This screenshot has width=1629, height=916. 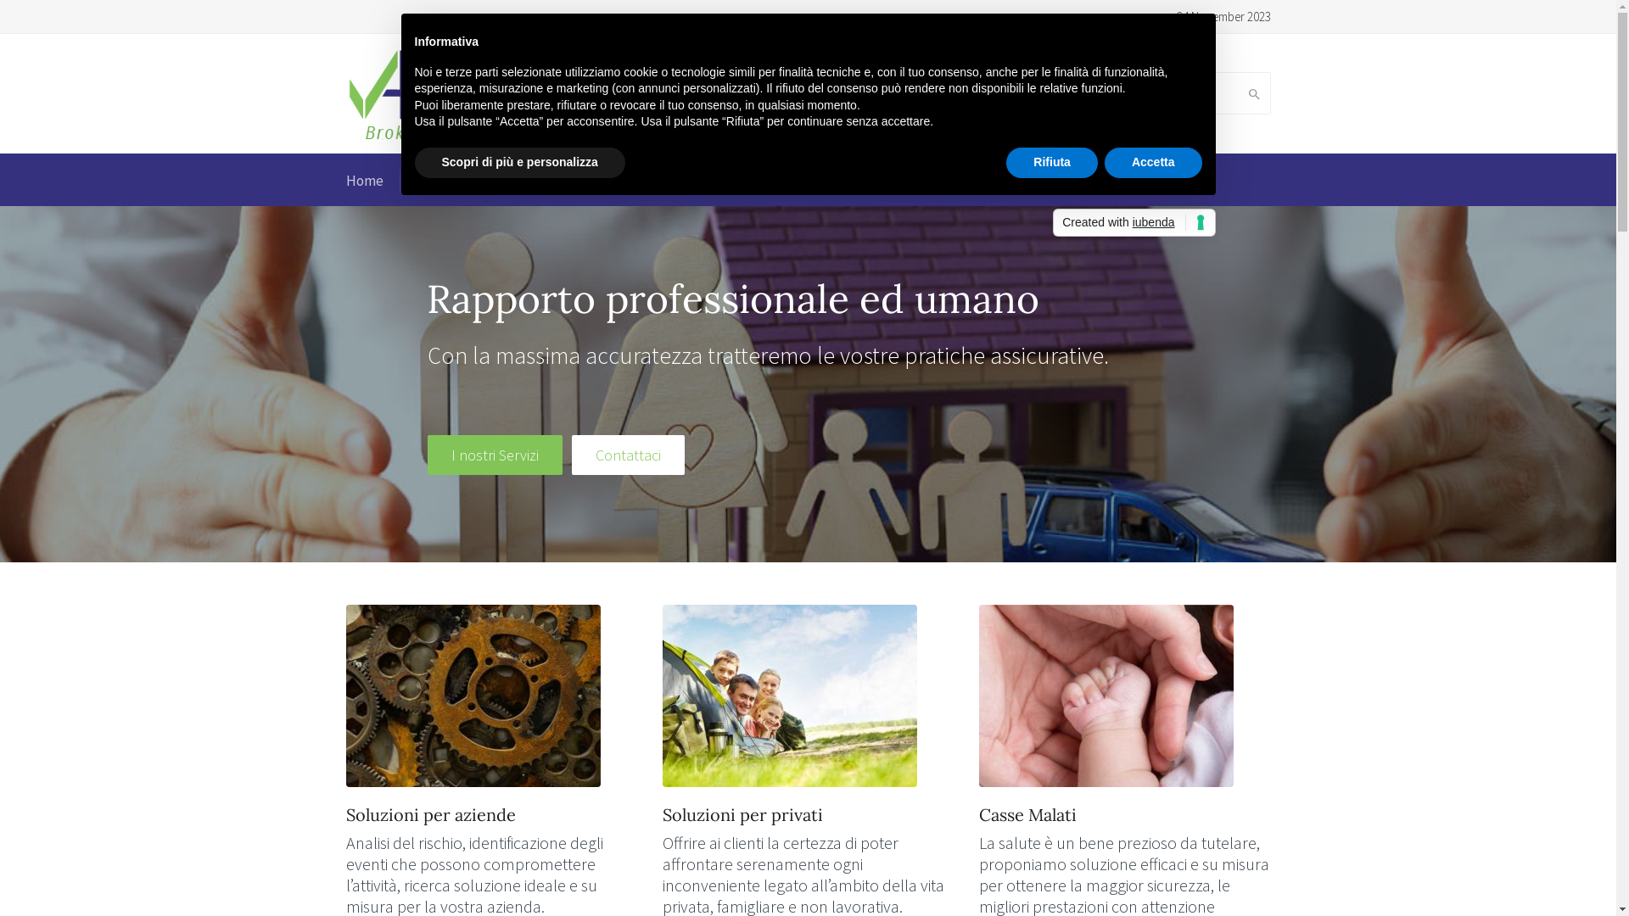 What do you see at coordinates (876, 181) in the screenshot?
I see `'News'` at bounding box center [876, 181].